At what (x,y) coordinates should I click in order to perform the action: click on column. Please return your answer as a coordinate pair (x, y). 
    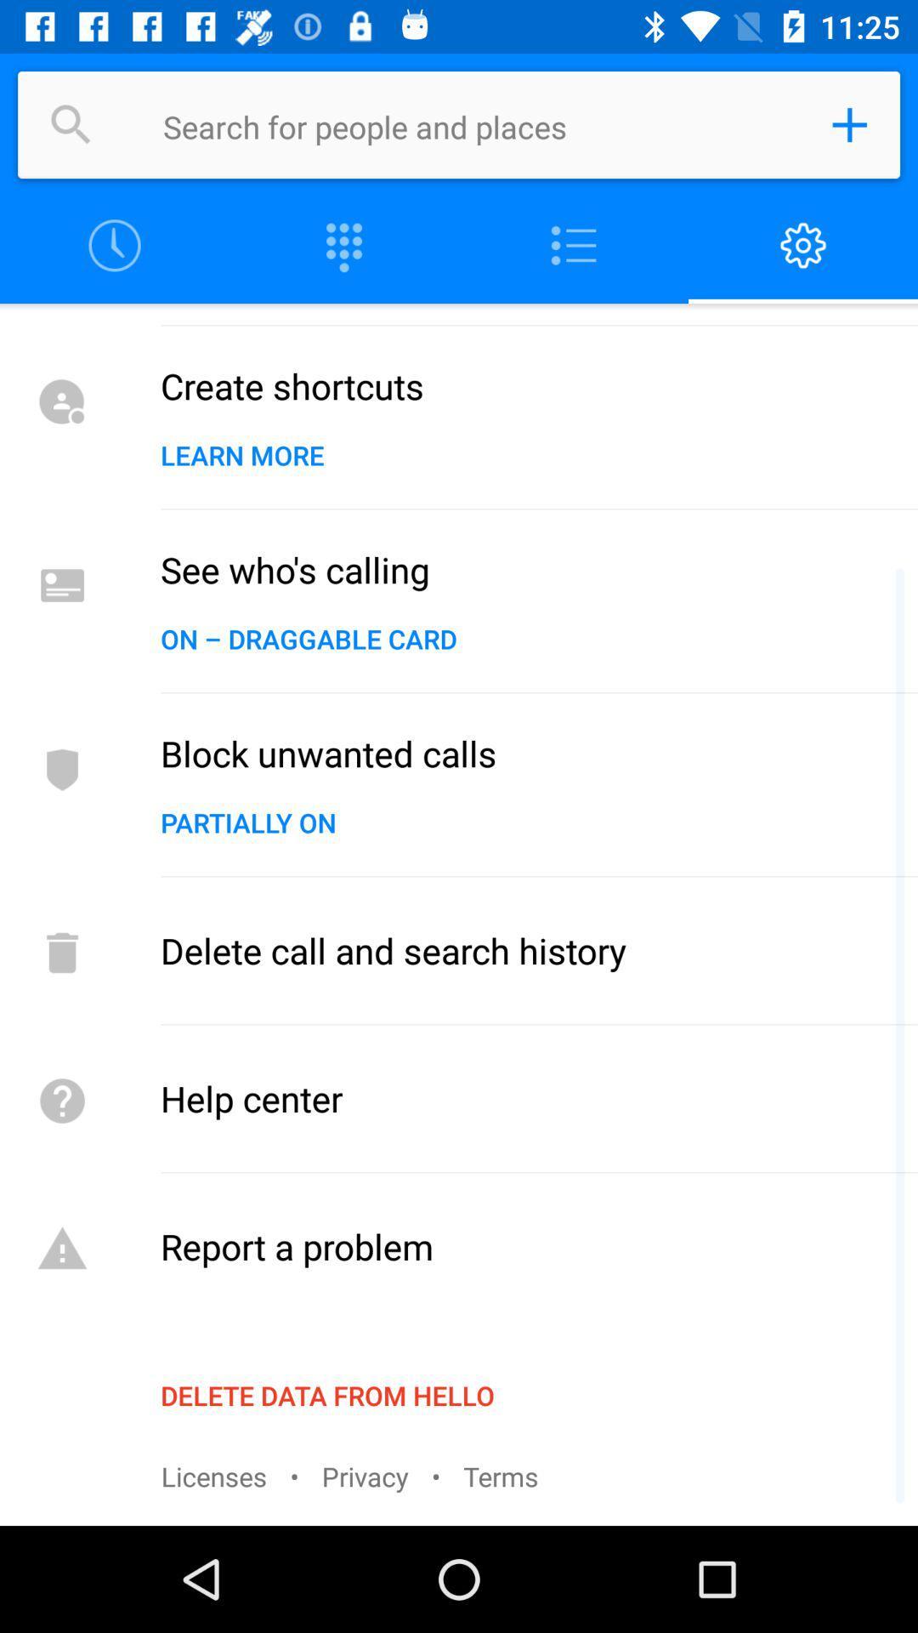
    Looking at the image, I should click on (344, 245).